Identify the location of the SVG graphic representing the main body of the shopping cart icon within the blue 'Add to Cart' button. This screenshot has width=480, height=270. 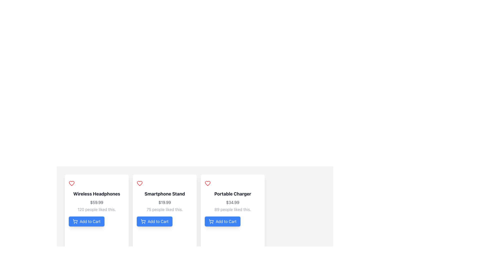
(143, 220).